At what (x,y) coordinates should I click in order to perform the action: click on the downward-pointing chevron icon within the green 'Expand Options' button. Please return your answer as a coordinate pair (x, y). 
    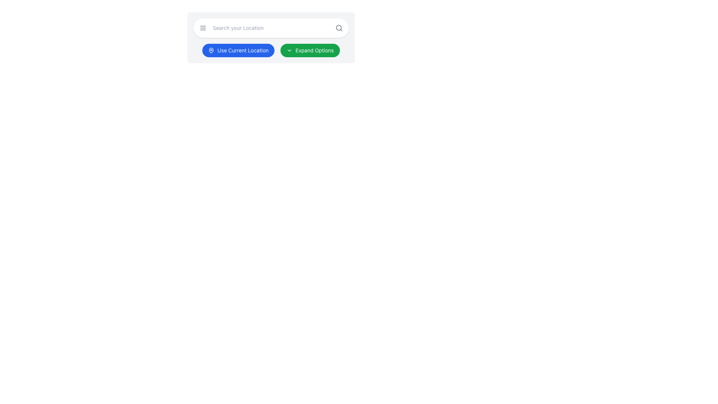
    Looking at the image, I should click on (289, 50).